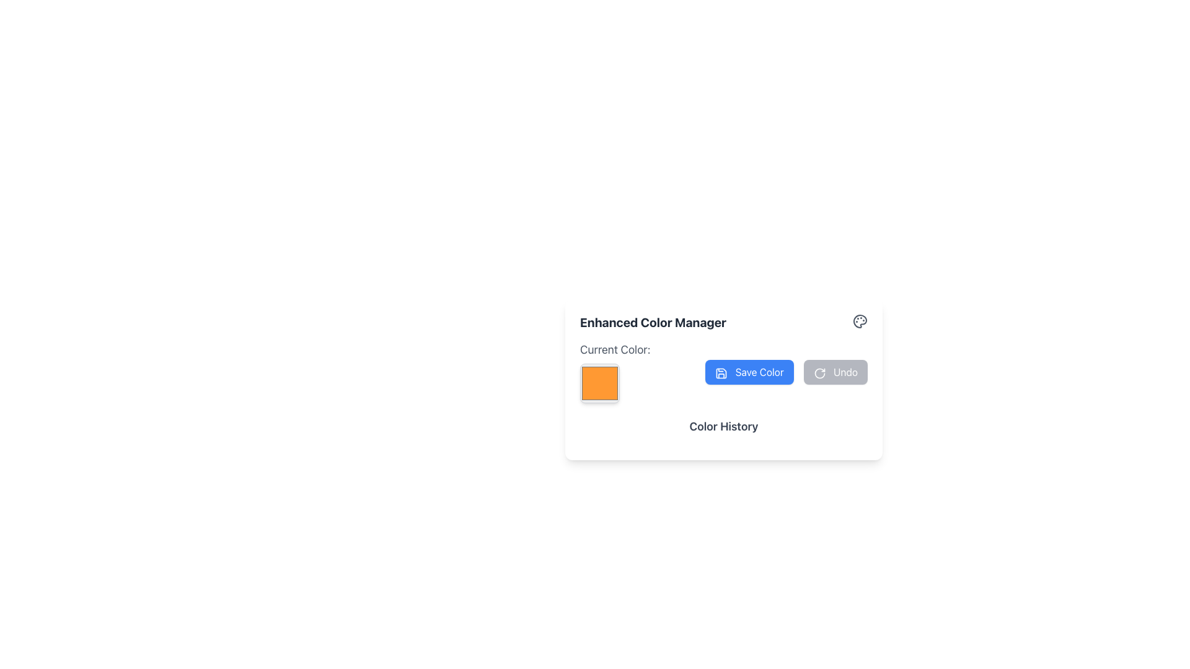 The width and height of the screenshot is (1190, 669). I want to click on the color palette icon located in the top-right corner of the 'Enhanced Color Manager' interface, which is styled with a gray color and features an irregular circle outline with smaller circular details inside, so click(859, 321).